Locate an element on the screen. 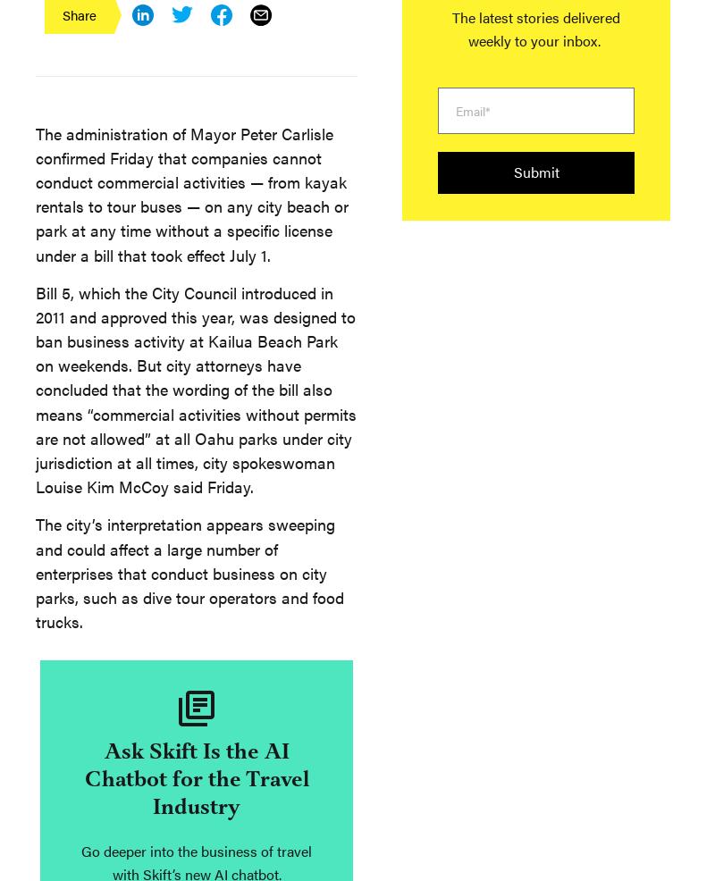 This screenshot has height=881, width=715. 'Sean O'Neill | 1 week ago' is located at coordinates (89, 295).